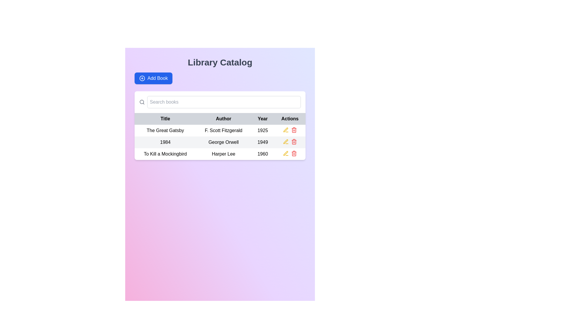 Image resolution: width=563 pixels, height=317 pixels. What do you see at coordinates (290, 141) in the screenshot?
I see `the Action group containing the edit and delete buttons for the book '1984' by George Orwell` at bounding box center [290, 141].